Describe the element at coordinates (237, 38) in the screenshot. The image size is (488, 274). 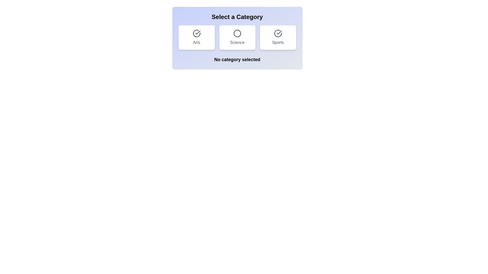
I see `the 'Science' category selection card, which is the second card in a three-column grid layout` at that location.